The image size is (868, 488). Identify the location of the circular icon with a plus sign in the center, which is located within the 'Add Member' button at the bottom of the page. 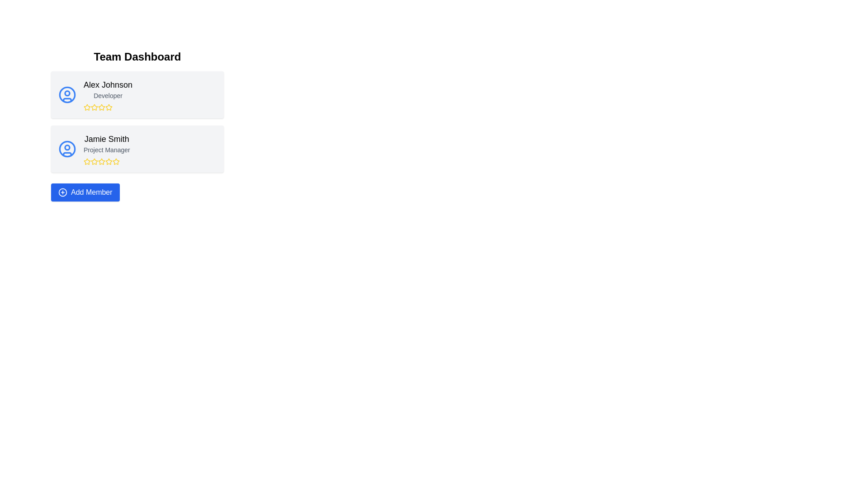
(62, 192).